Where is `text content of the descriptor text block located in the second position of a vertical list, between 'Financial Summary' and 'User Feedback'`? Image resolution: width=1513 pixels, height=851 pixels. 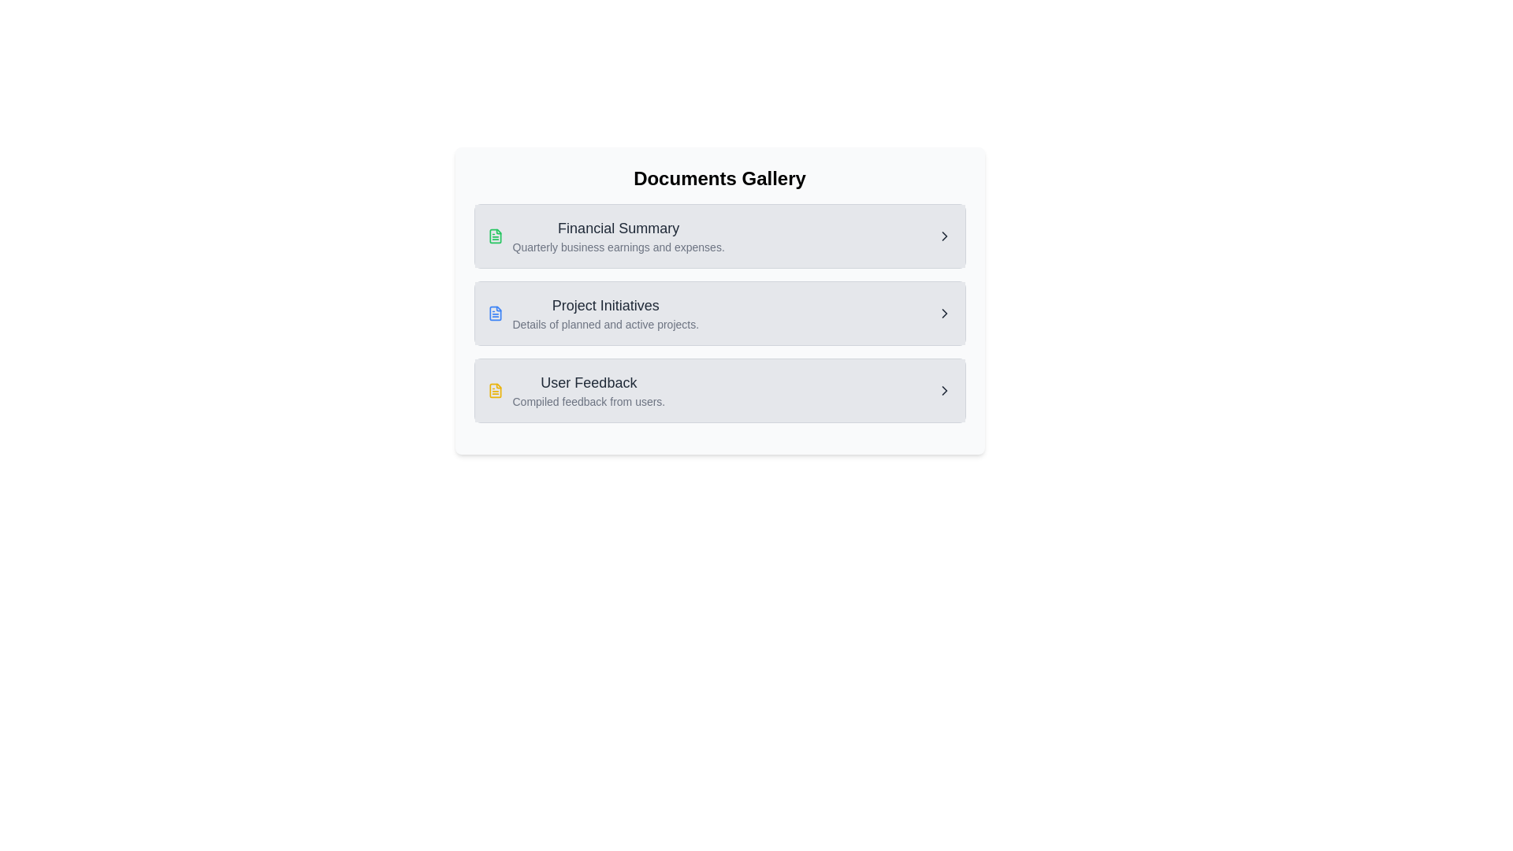 text content of the descriptor text block located in the second position of a vertical list, between 'Financial Summary' and 'User Feedback' is located at coordinates (604, 313).